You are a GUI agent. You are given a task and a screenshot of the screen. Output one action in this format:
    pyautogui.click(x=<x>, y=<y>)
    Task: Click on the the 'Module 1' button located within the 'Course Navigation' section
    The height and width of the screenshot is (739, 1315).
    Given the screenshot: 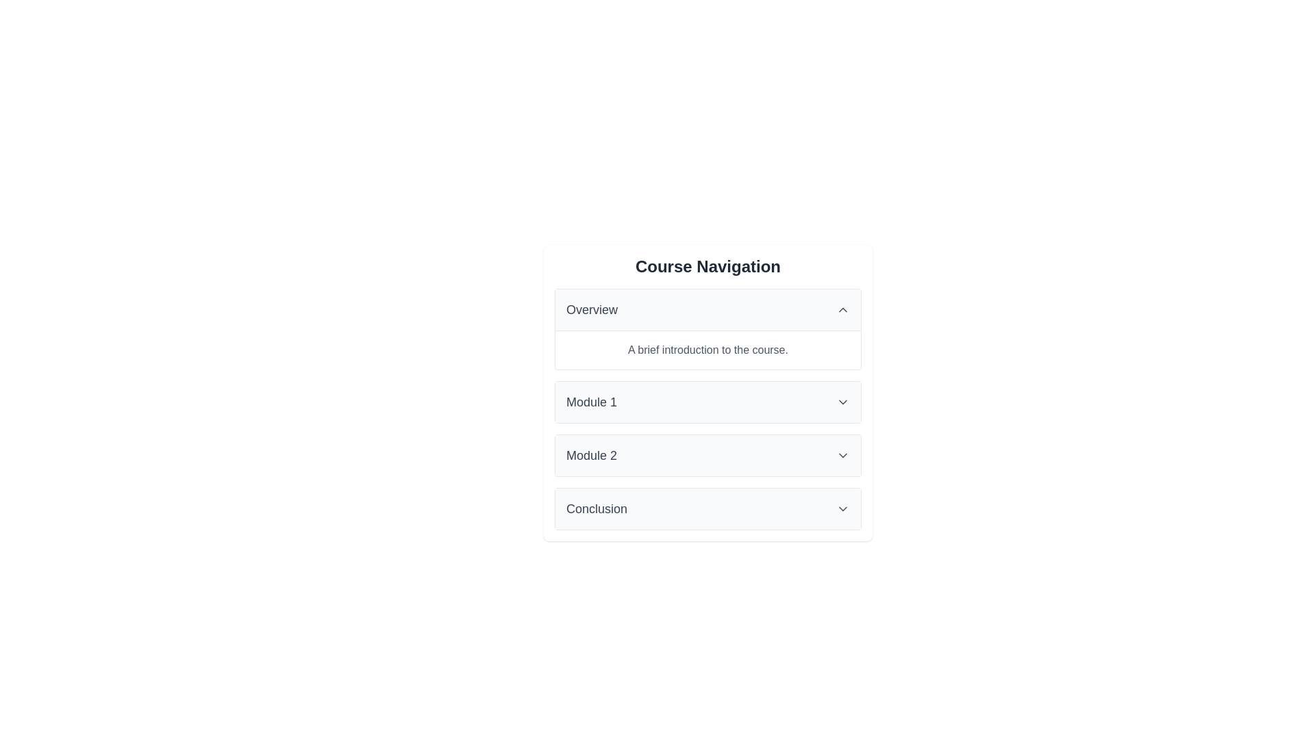 What is the action you would take?
    pyautogui.click(x=707, y=401)
    